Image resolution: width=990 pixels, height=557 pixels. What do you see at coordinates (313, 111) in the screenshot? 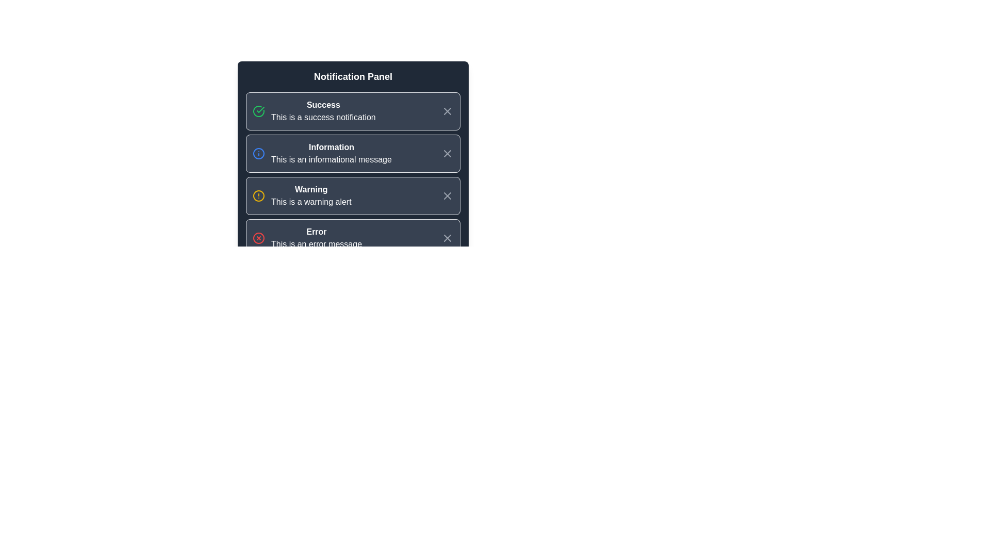
I see `the success notification block that displays a green check icon and the message 'This is a success notification'` at bounding box center [313, 111].